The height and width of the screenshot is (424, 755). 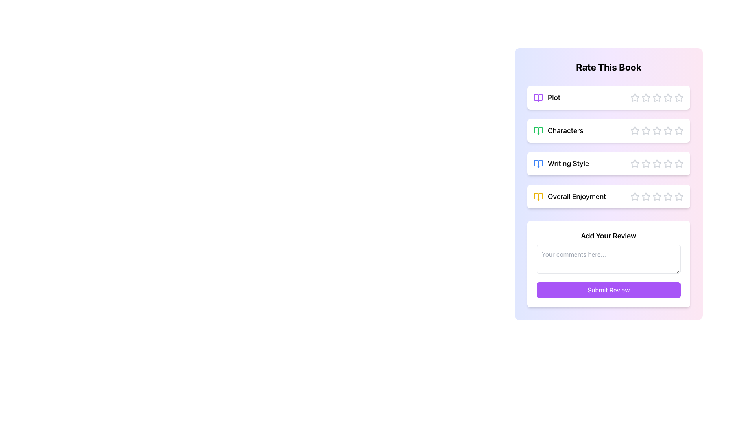 What do you see at coordinates (635, 196) in the screenshot?
I see `the first star icon in the 'Overall Enjoyment' rating section` at bounding box center [635, 196].